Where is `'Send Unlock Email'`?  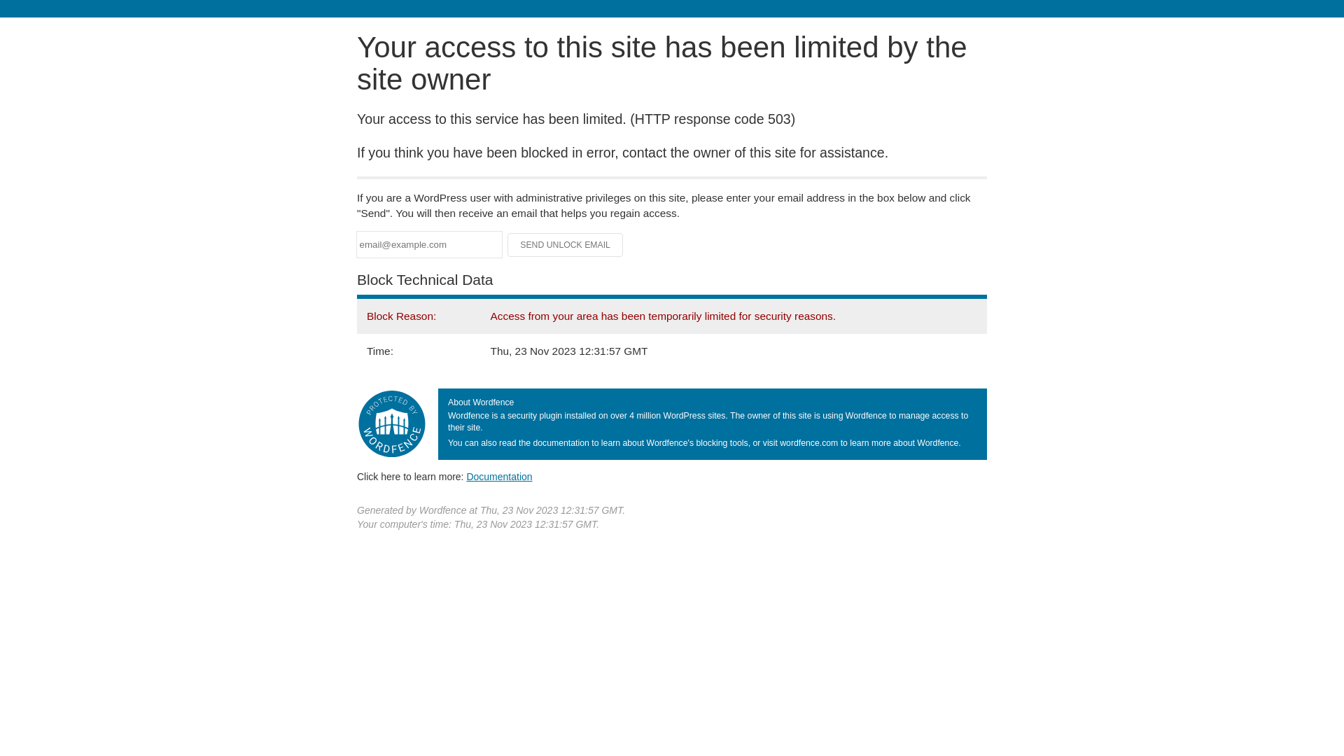
'Send Unlock Email' is located at coordinates (565, 244).